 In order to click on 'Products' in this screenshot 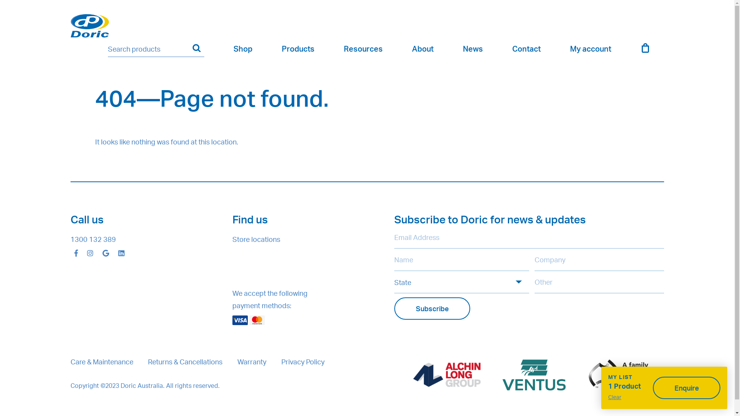, I will do `click(281, 49)`.